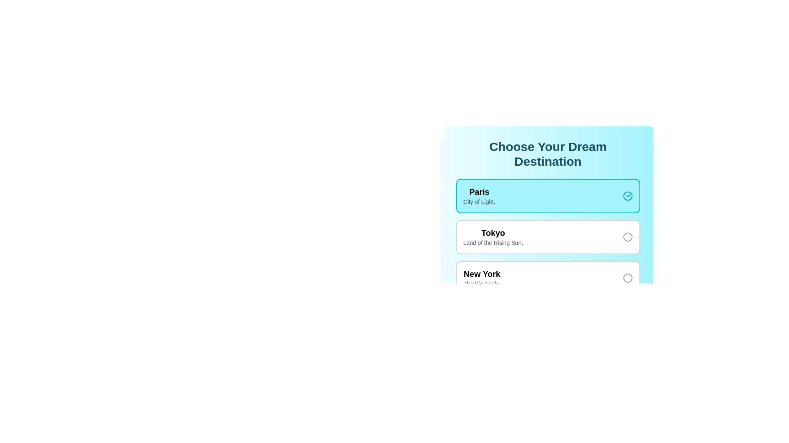  I want to click on the Label or Header Text that identifies the city 'New York', positioned under the option 'Tokyo' and above the text 'The Big Apple', so click(482, 274).